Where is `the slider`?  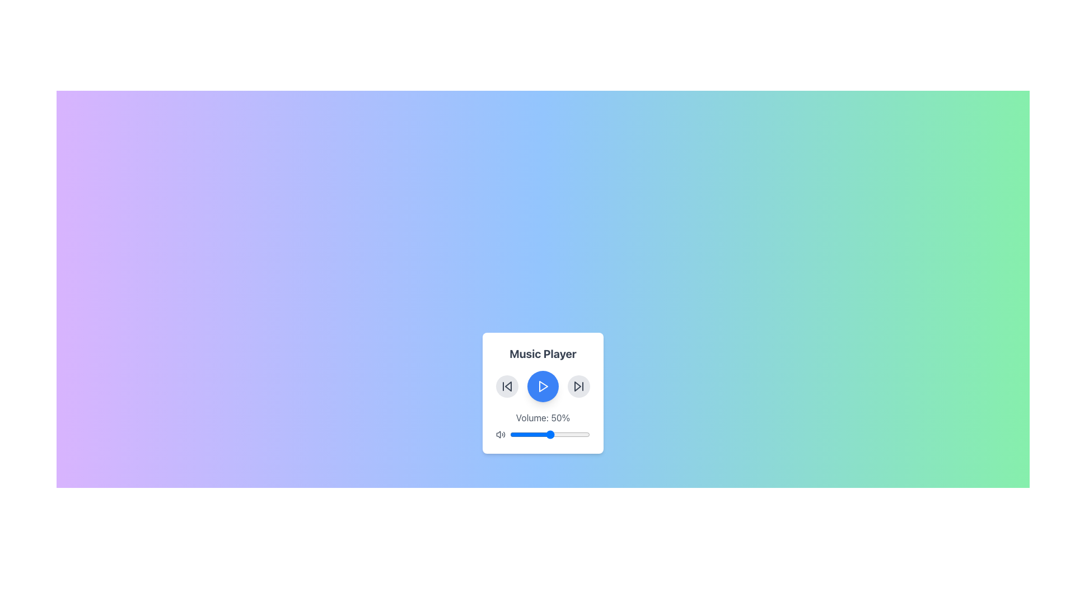 the slider is located at coordinates (539, 434).